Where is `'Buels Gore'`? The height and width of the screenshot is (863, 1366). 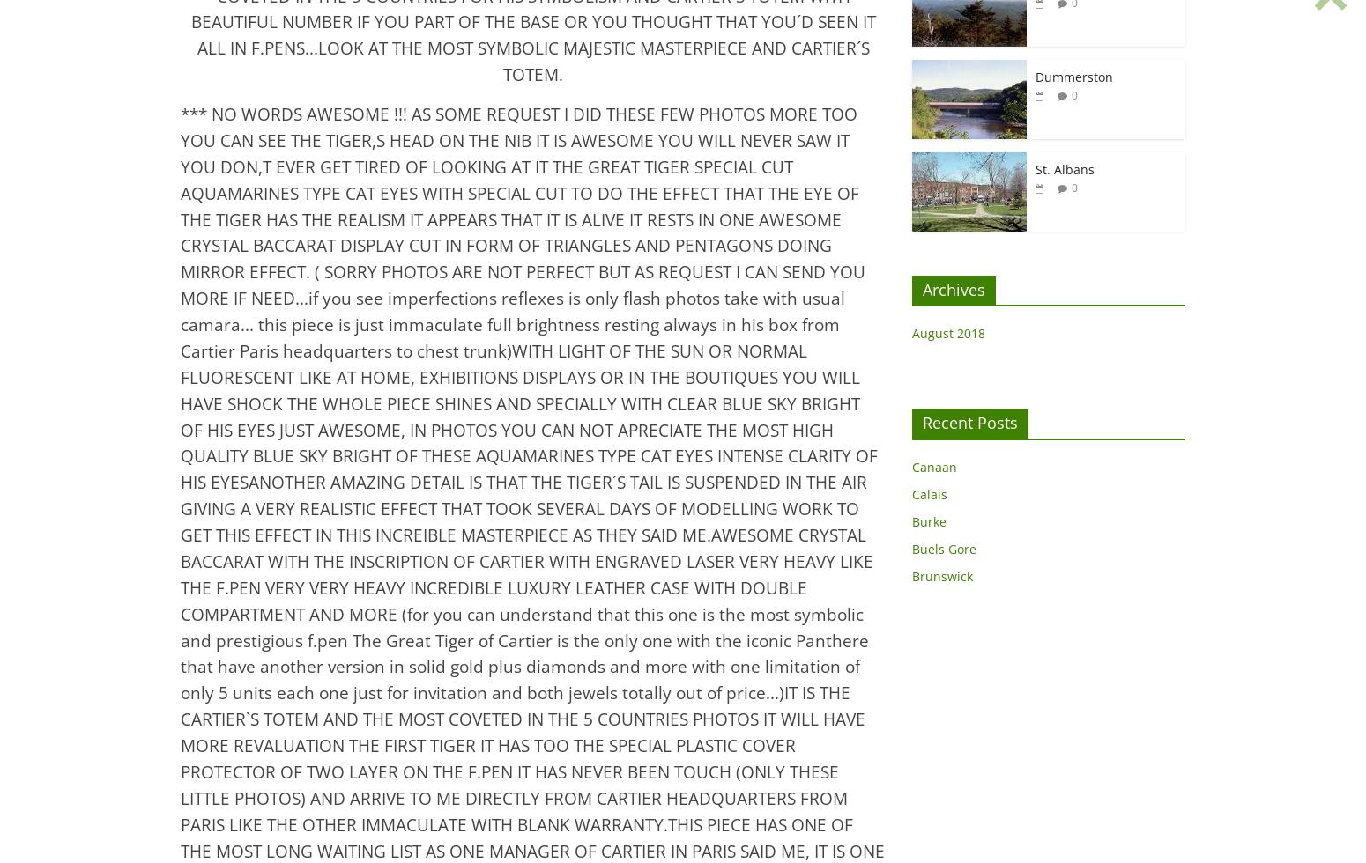
'Buels Gore' is located at coordinates (944, 549).